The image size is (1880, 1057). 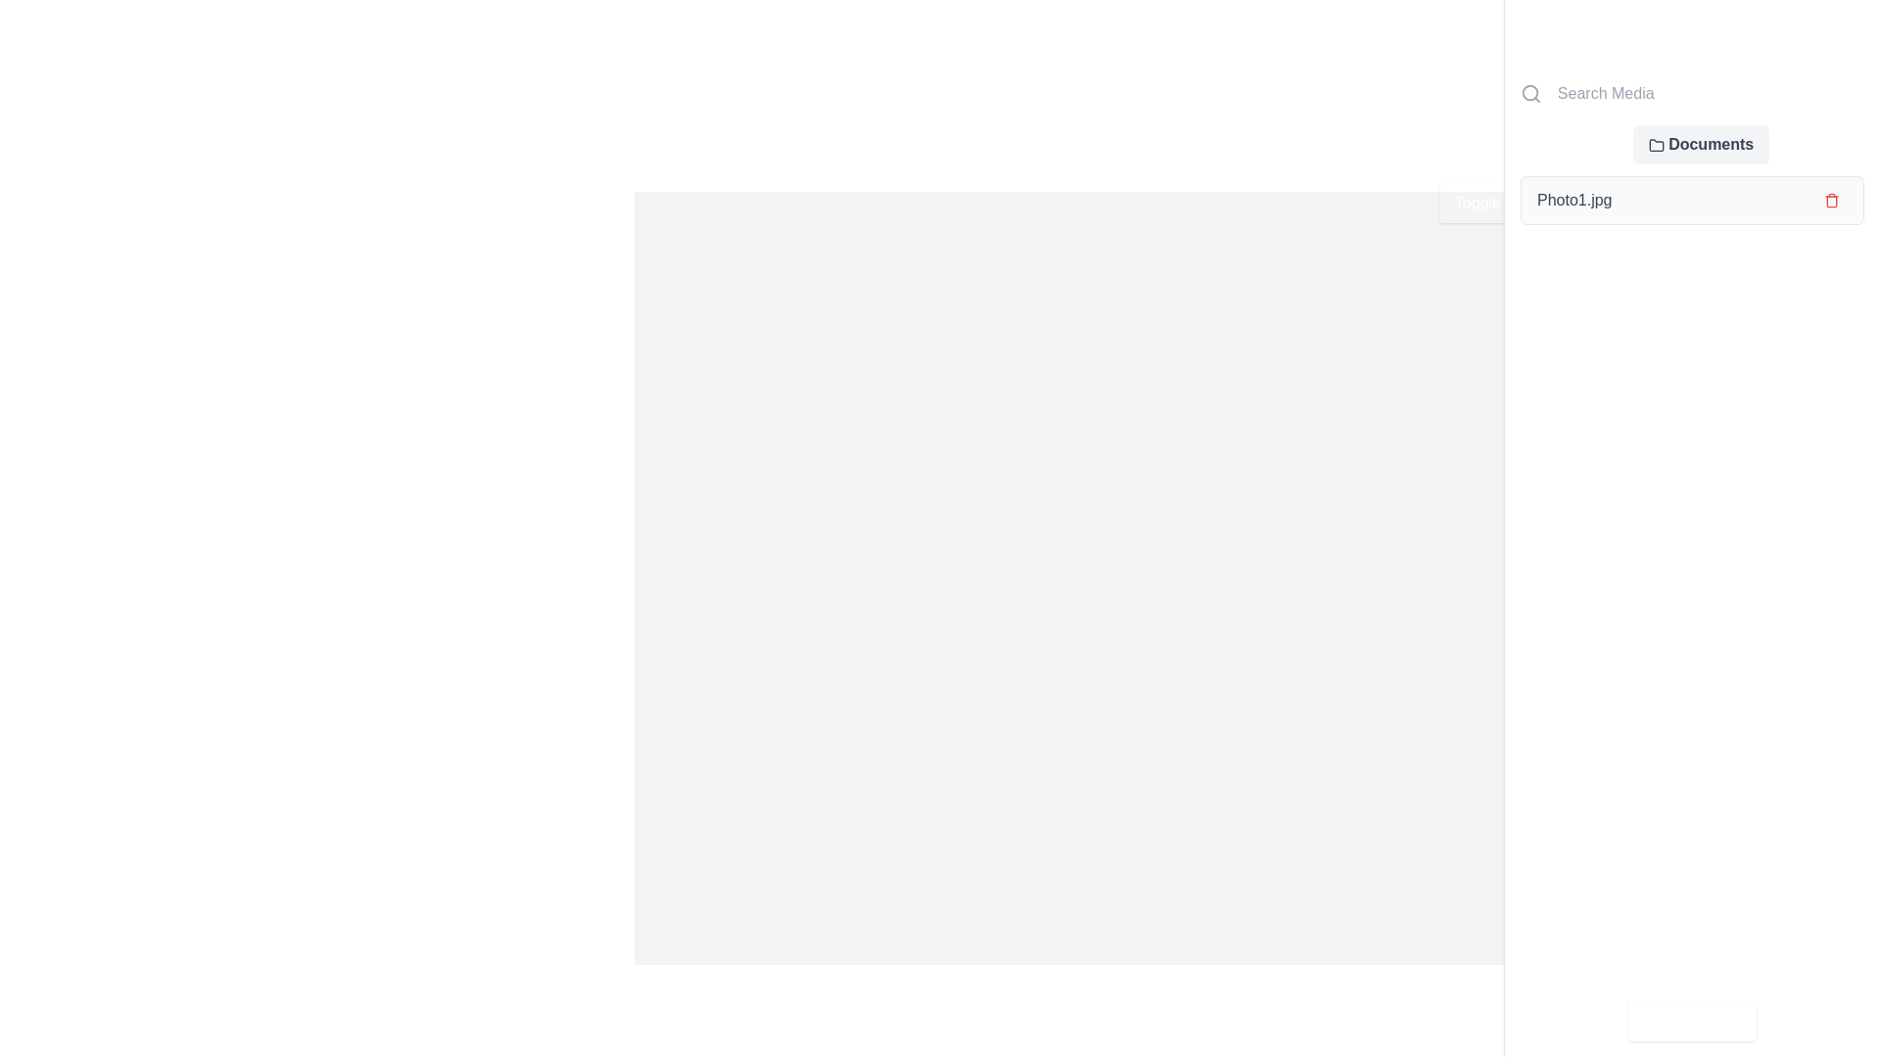 What do you see at coordinates (1831, 200) in the screenshot?
I see `the red trash bin icon button located in the vertical sidebar on the right, adjacent to the 'Documents' folder` at bounding box center [1831, 200].